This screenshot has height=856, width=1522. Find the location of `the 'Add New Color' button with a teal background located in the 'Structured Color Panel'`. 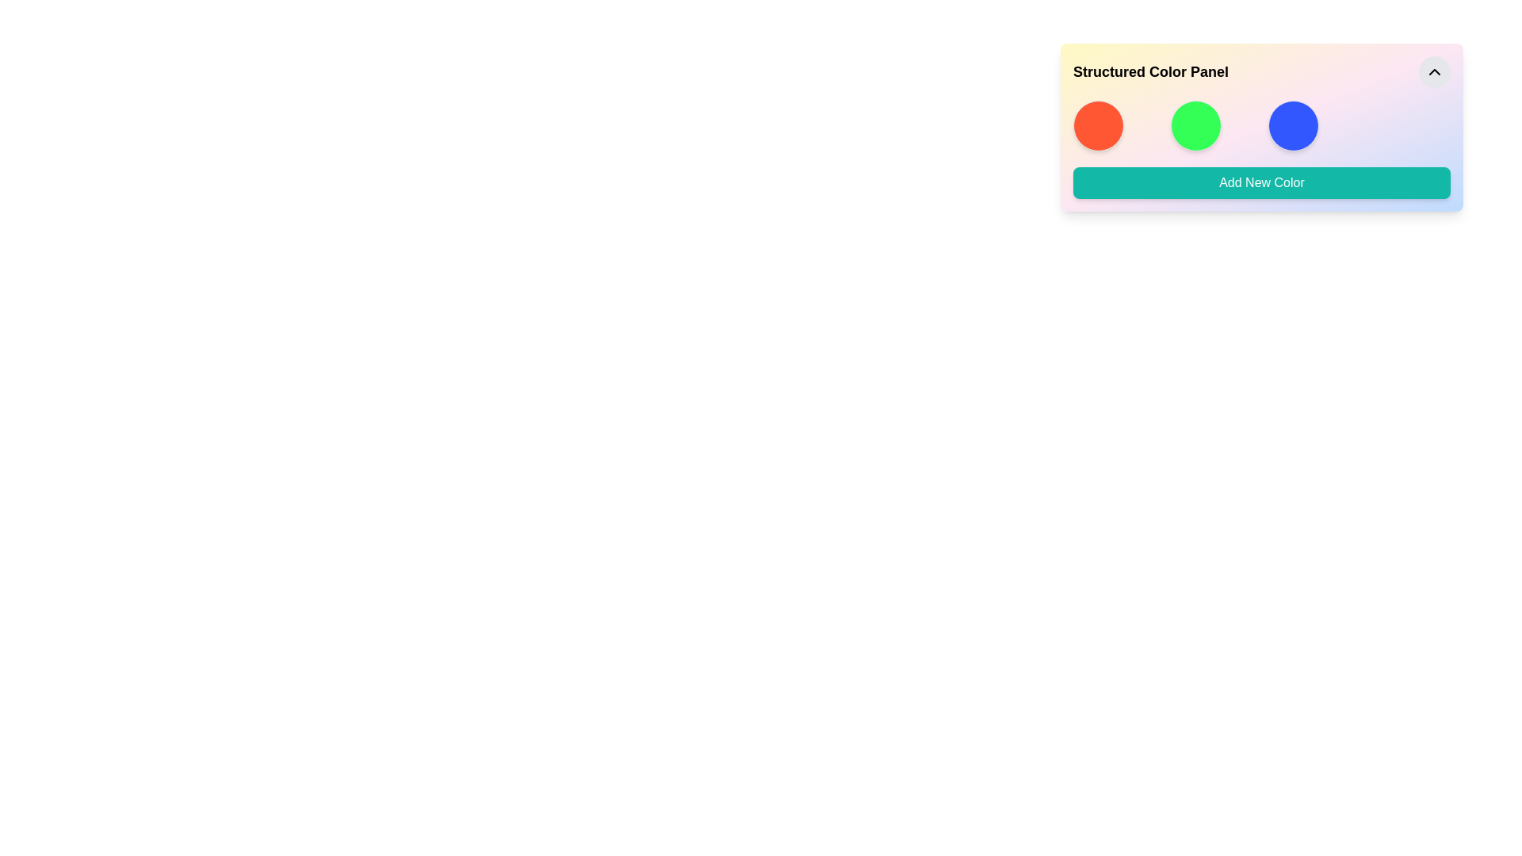

the 'Add New Color' button with a teal background located in the 'Structured Color Panel' is located at coordinates (1261, 182).